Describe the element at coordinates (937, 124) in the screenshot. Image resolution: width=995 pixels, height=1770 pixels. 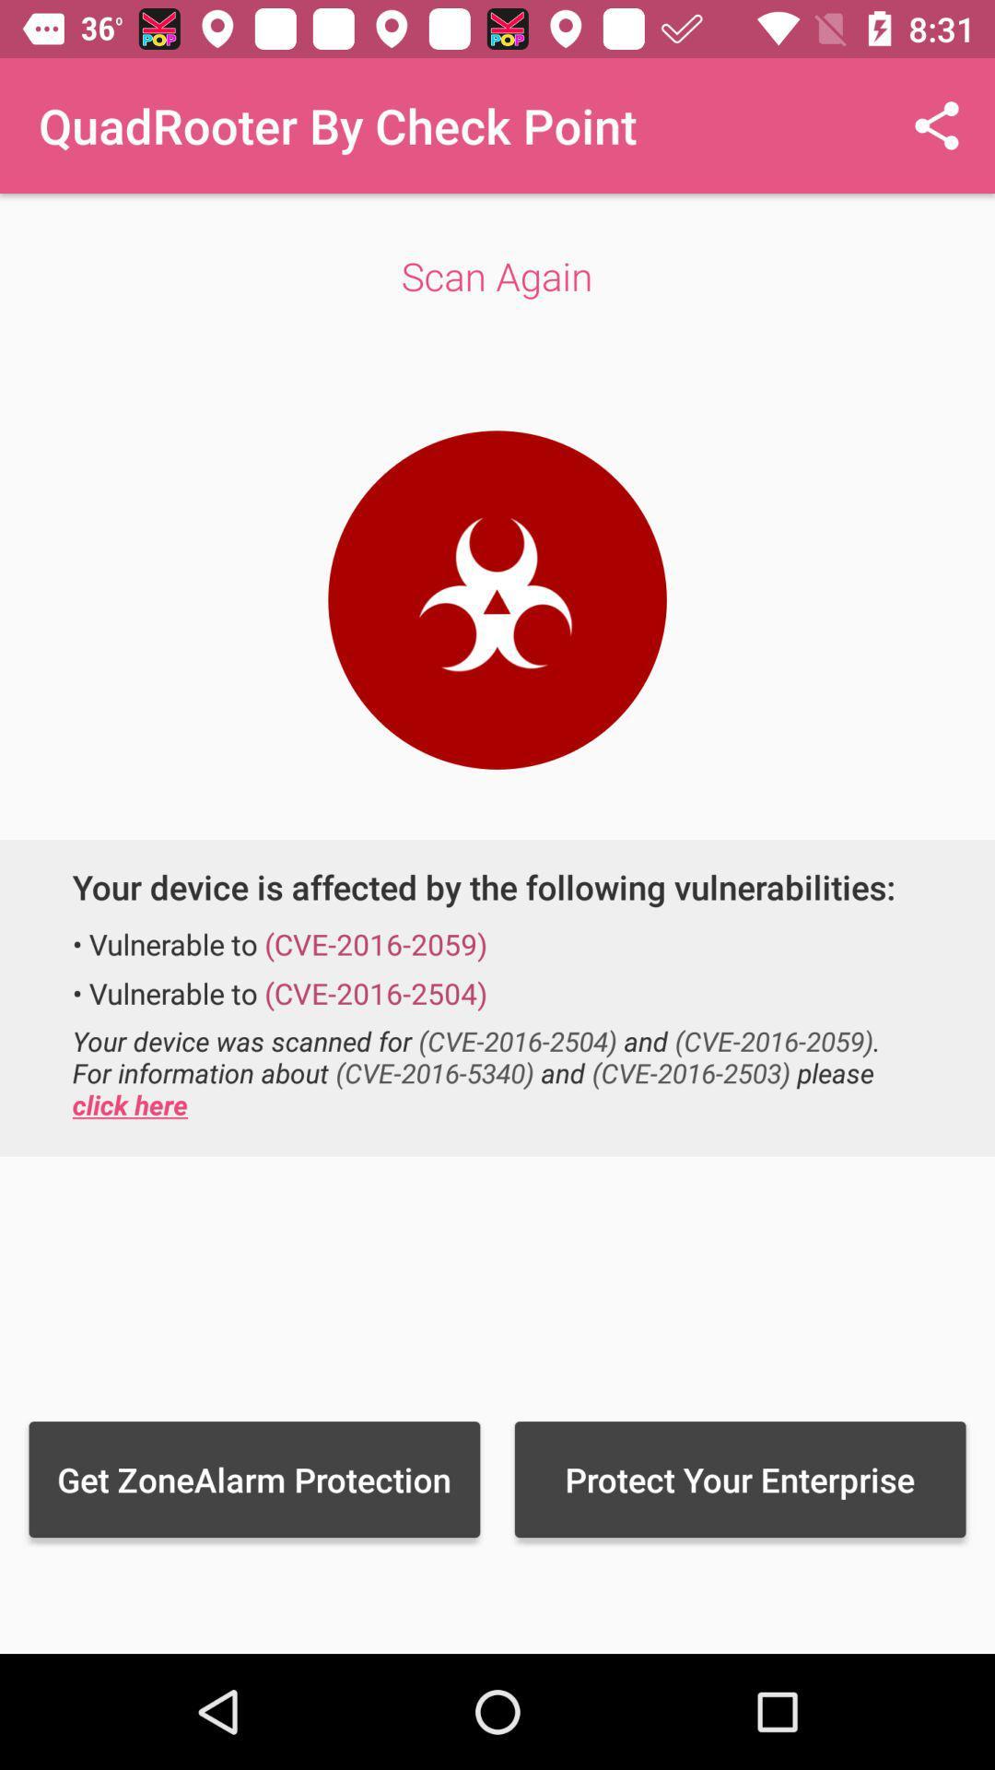
I see `the item to the right of the quadrooter by check item` at that location.